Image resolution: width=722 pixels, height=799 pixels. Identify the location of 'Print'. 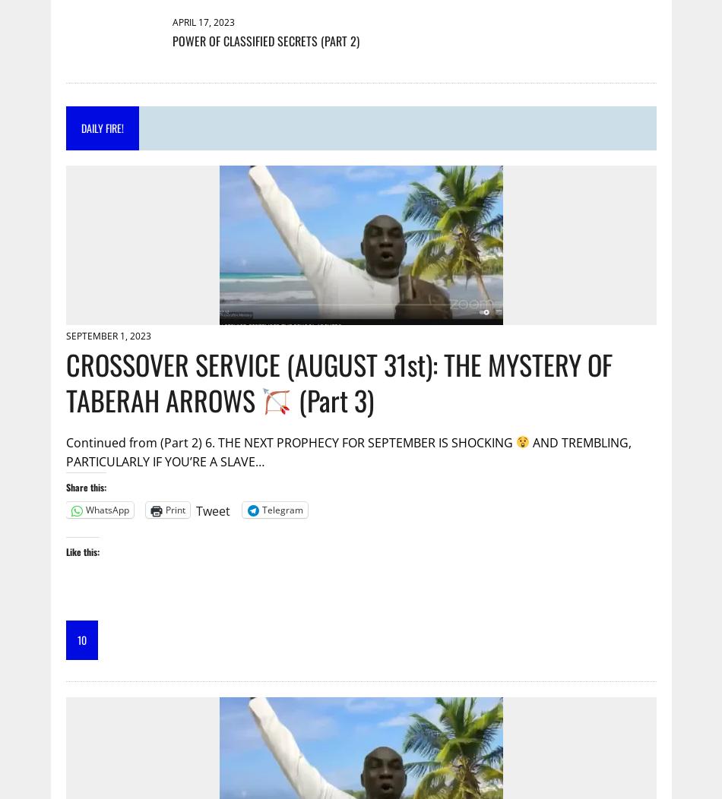
(174, 509).